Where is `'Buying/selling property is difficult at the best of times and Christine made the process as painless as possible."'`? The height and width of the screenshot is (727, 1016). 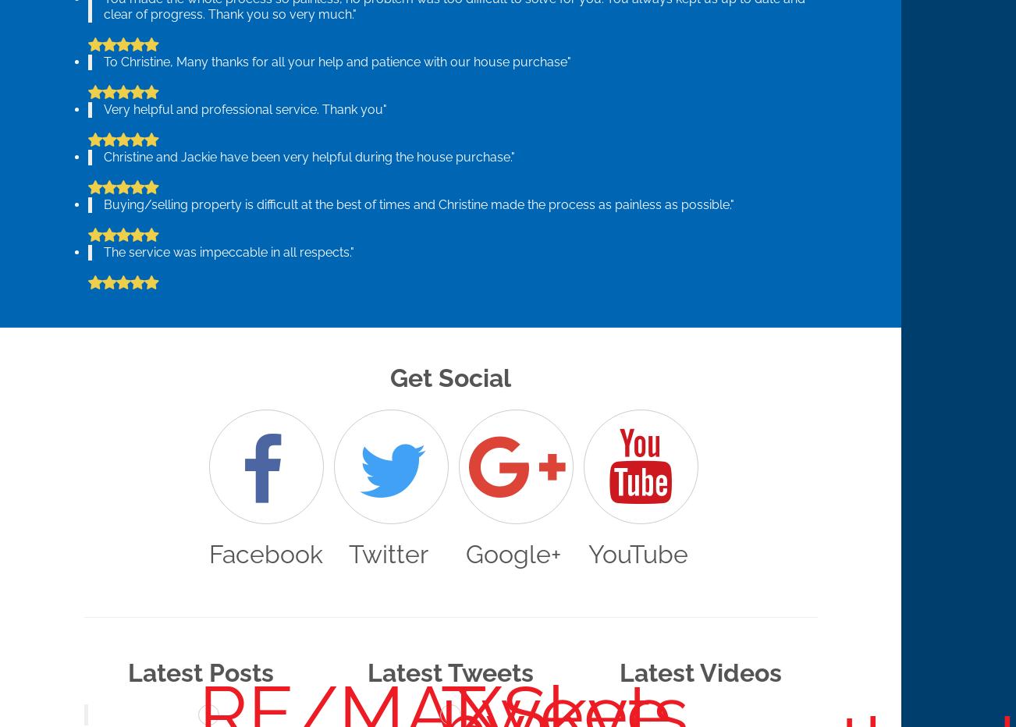 'Buying/selling property is difficult at the best of times and Christine made the process as painless as possible."' is located at coordinates (418, 204).